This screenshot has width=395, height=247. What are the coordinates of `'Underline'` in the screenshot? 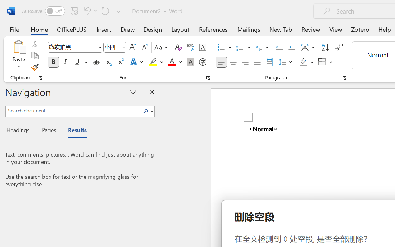 It's located at (80, 62).